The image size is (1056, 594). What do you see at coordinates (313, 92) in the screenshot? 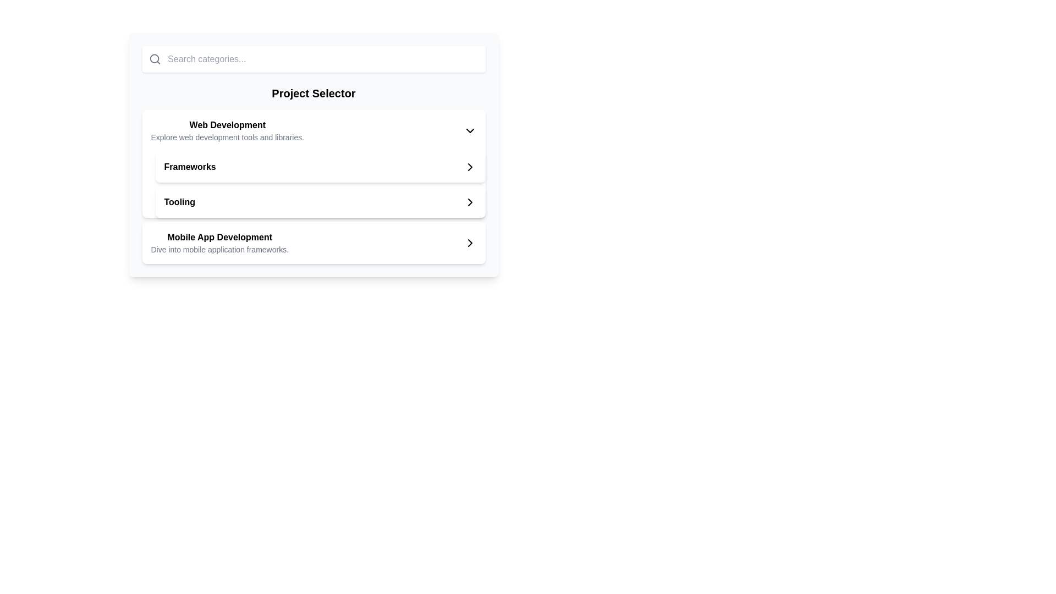
I see `prominent text label 'Project Selector' which is bold and distinct, located beneath the search bar` at bounding box center [313, 92].